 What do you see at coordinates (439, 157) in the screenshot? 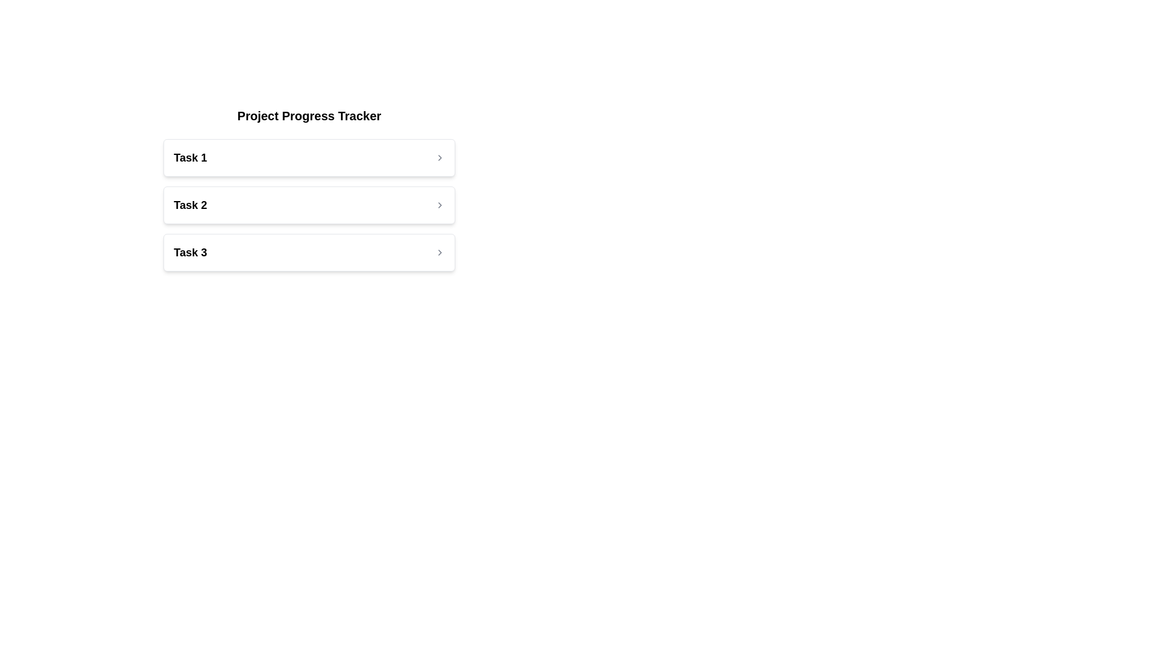
I see `the right-pointing chevron icon styled in light gray, which is aligned to the far right of the 'Task 1' text` at bounding box center [439, 157].